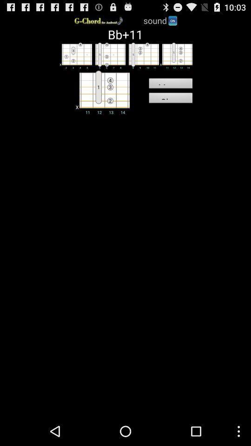 Image resolution: width=251 pixels, height=446 pixels. Describe the element at coordinates (101, 92) in the screenshot. I see `choose cord` at that location.